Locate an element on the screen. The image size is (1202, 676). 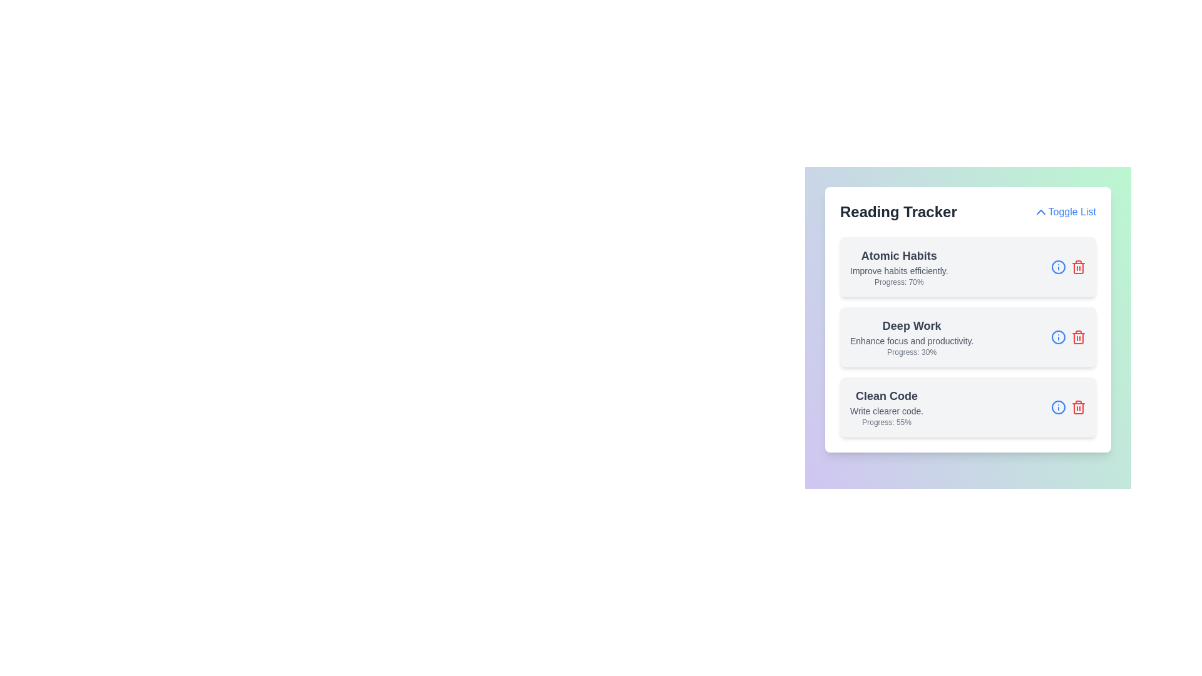
text content 'Write clearer code.' which is styled in a smaller gray font and located under the heading 'Clean Code.' is located at coordinates (886, 411).